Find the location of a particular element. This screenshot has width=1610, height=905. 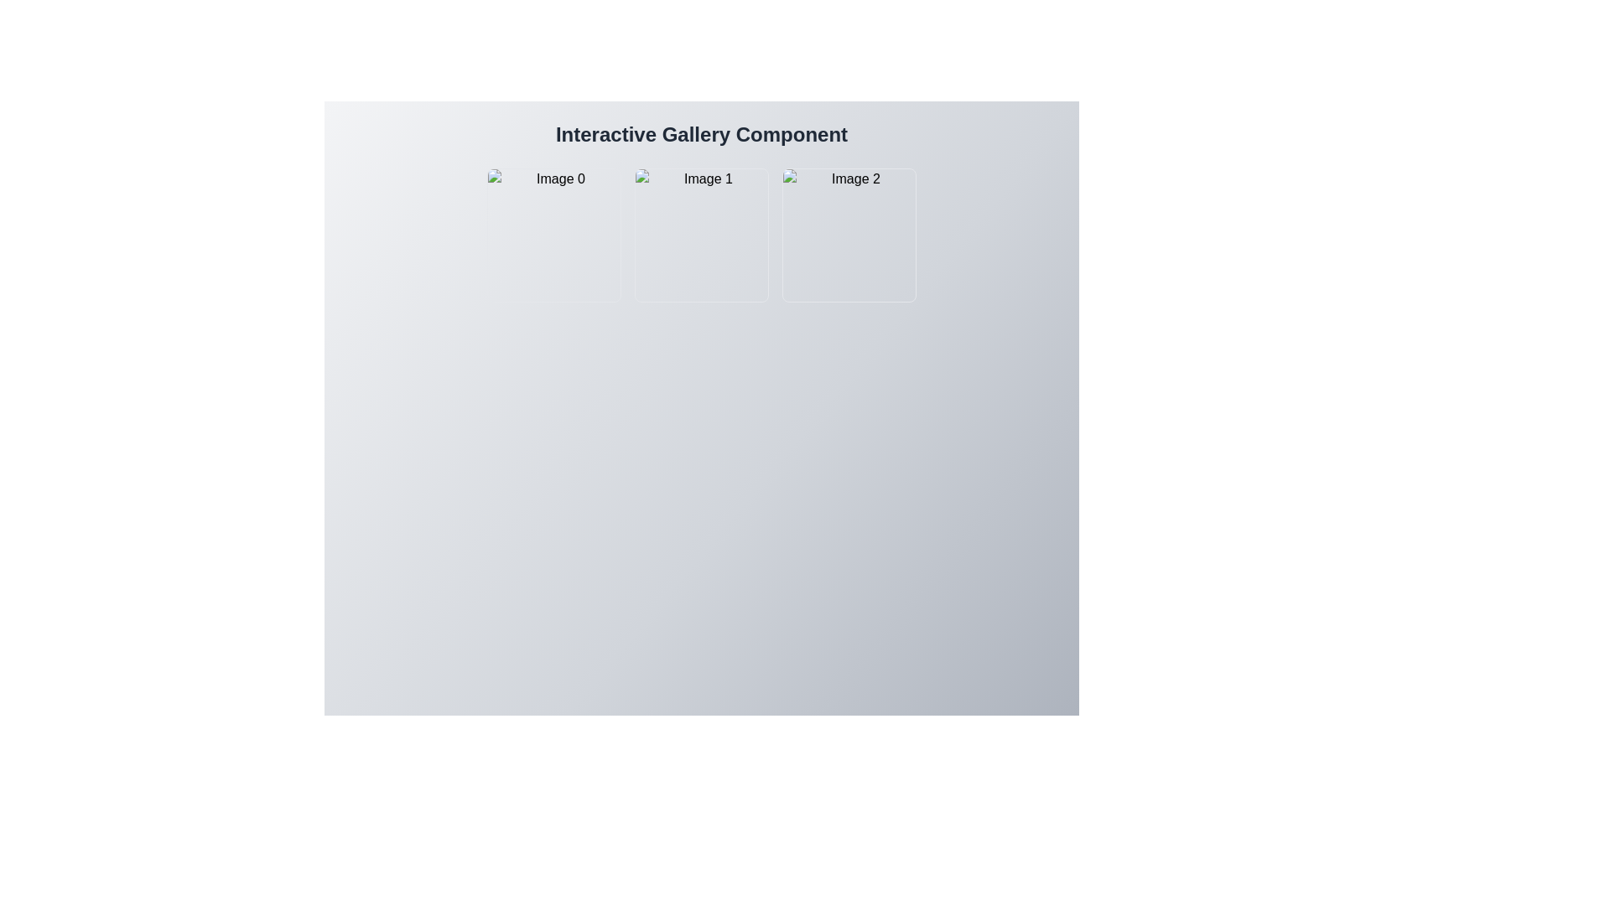

the Text heading that serves as the title for the gallery component, positioned at the top of the interface above 'Image 1,' 'Image 2,' and 'Image 3.' is located at coordinates (701, 134).